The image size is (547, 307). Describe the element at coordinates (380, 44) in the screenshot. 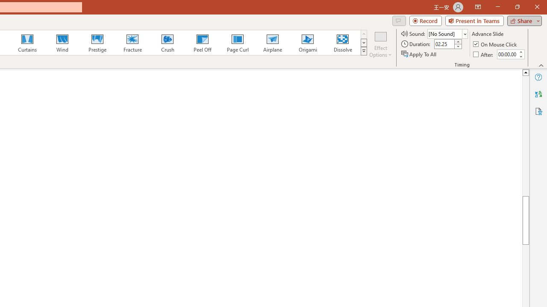

I see `'Effect Options'` at that location.